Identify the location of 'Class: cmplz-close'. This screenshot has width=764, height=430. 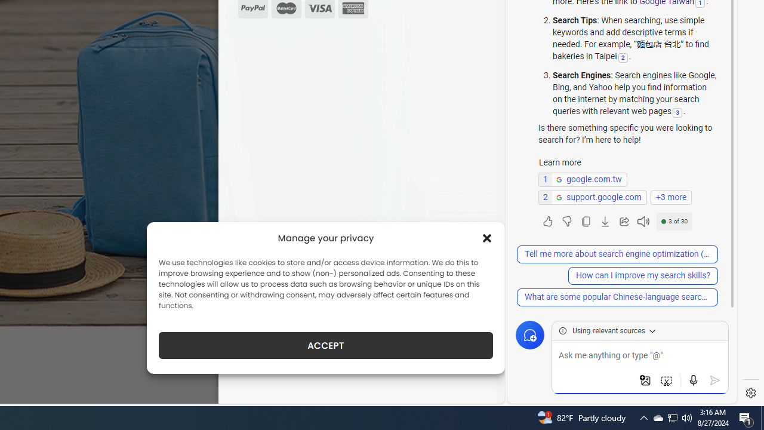
(487, 238).